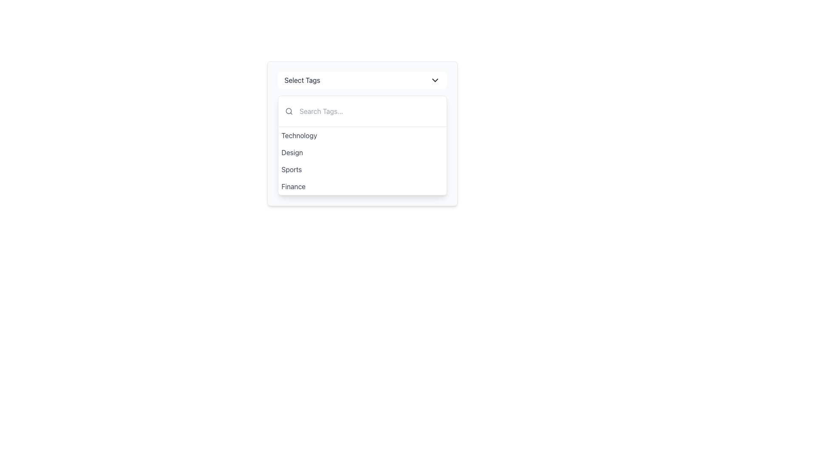 This screenshot has height=459, width=816. Describe the element at coordinates (292, 169) in the screenshot. I see `the 'Sports' category in the dropdown menu, which is the third item in the list, visually aligned with 'Technology', 'Design', and 'Finance'` at that location.